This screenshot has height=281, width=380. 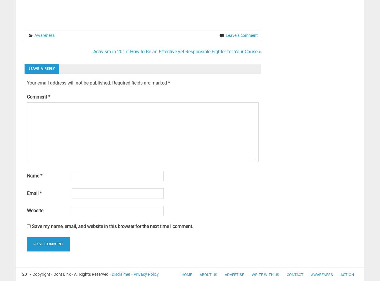 I want to click on 'Your email address will not be published.', so click(x=68, y=82).